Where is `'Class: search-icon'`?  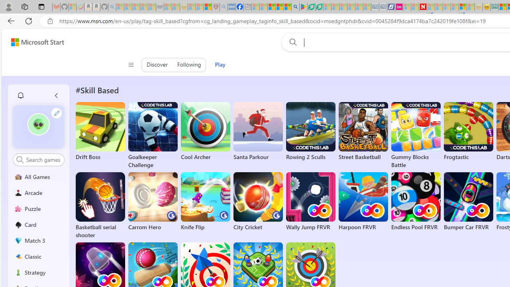
'Class: search-icon' is located at coordinates (20, 159).